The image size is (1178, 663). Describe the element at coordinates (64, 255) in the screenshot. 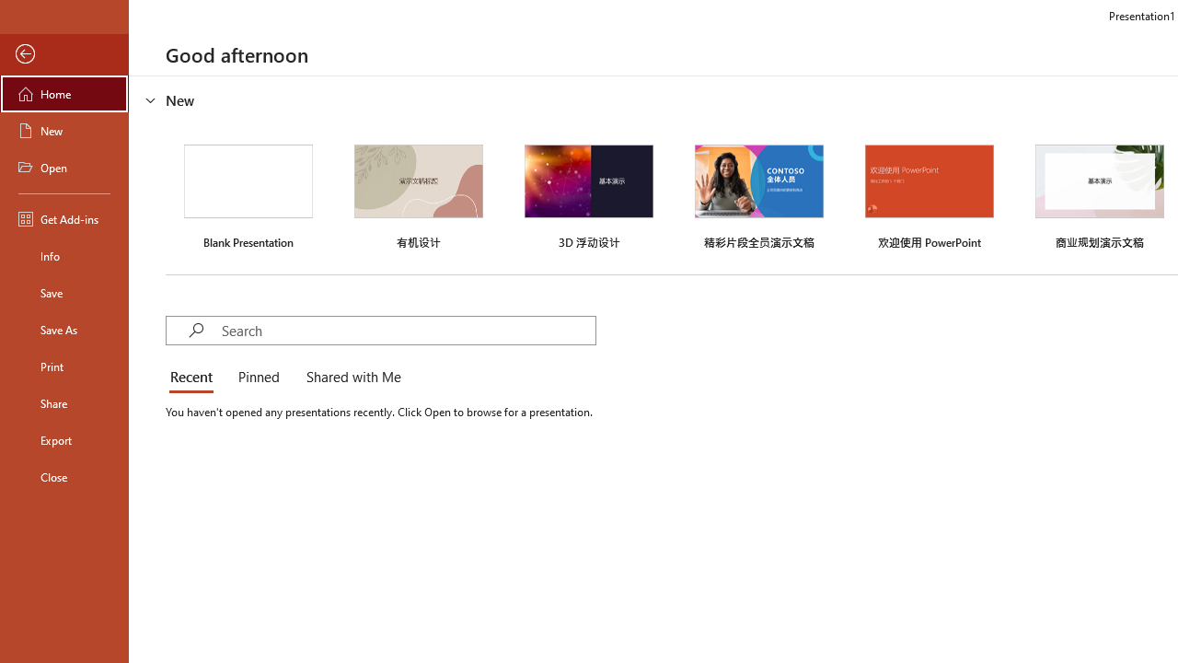

I see `'Info'` at that location.